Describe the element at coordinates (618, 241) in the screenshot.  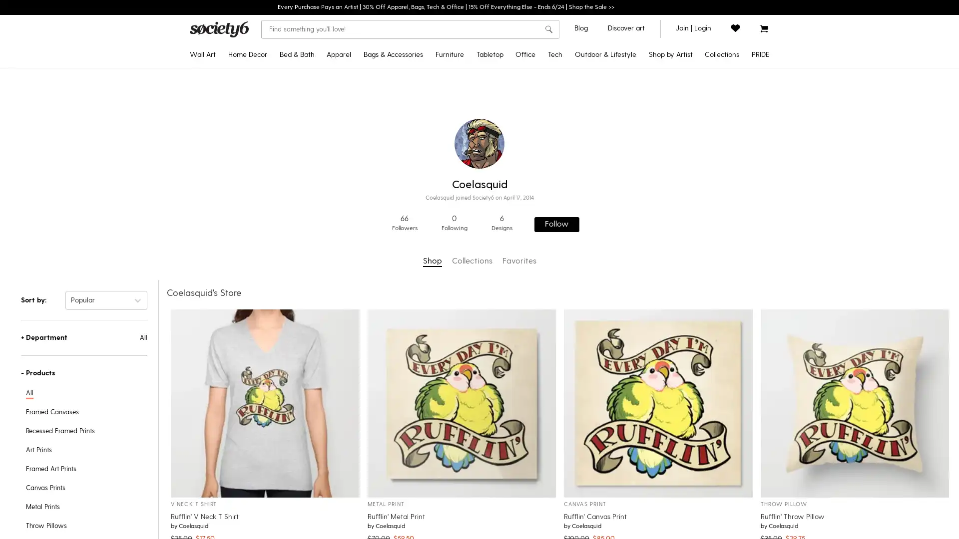
I see `Picnic Blankets` at that location.